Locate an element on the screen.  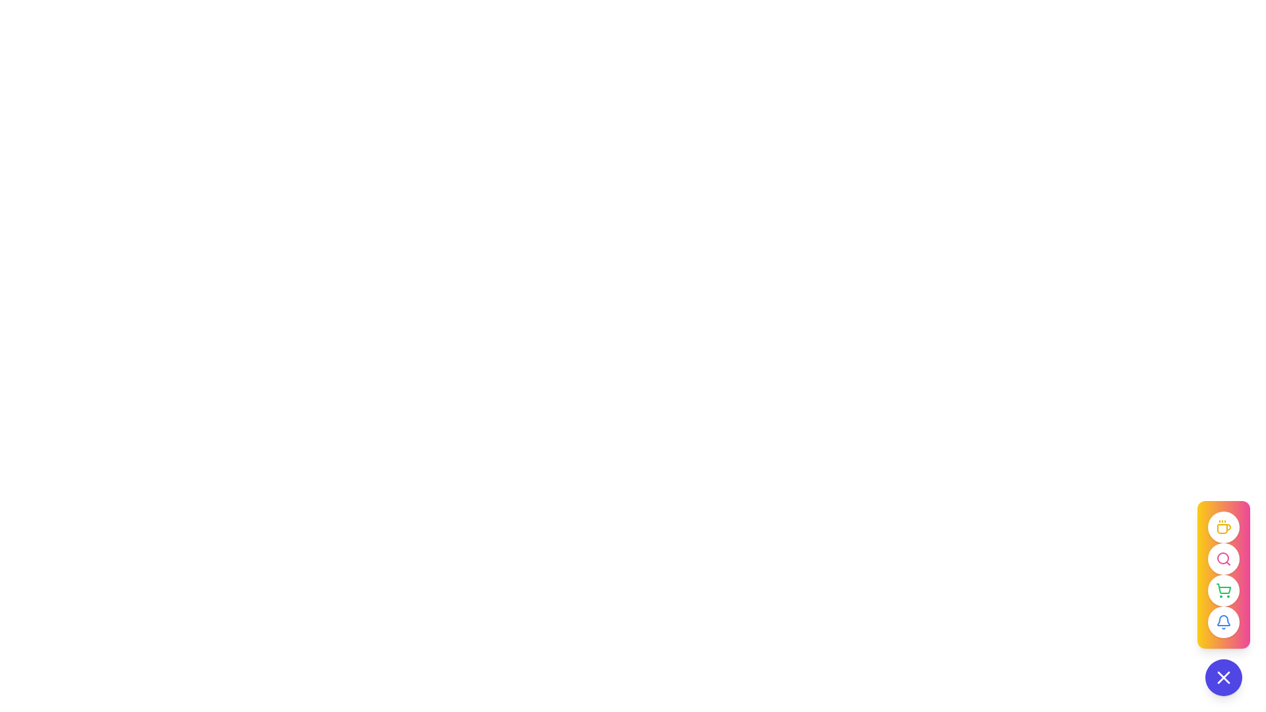
the circular button at the bottom of the vertical stack, which features a white cross-shaped icon with rounded ends on a vibrant blue background is located at coordinates (1223, 678).